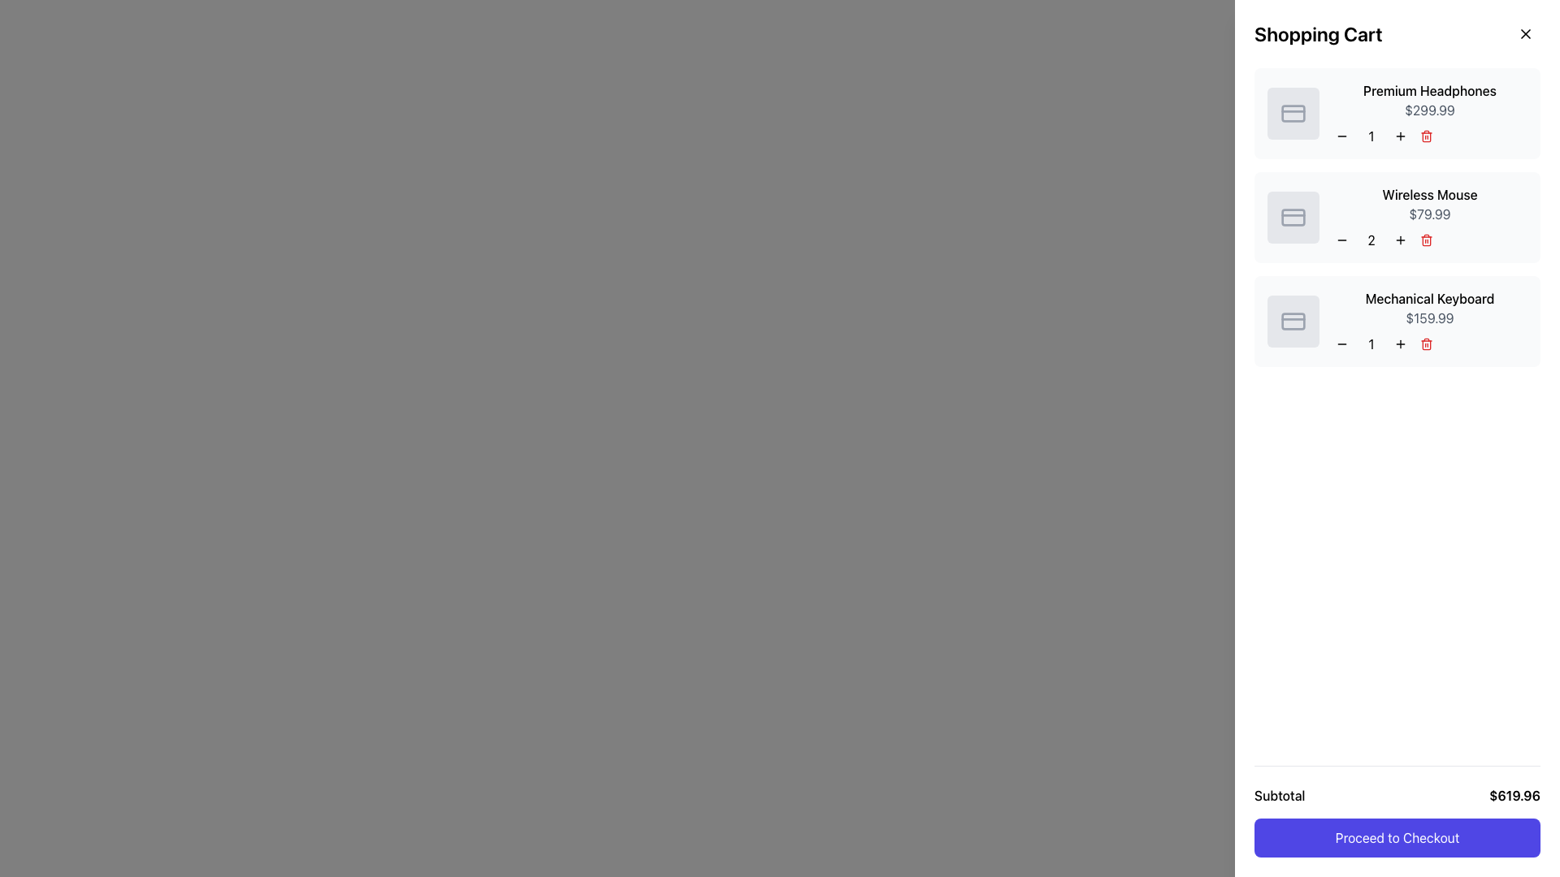 Image resolution: width=1560 pixels, height=877 pixels. Describe the element at coordinates (1430, 240) in the screenshot. I see `the button located at the end of the shopping cart entry for 'Wireless Mouse'` at that location.